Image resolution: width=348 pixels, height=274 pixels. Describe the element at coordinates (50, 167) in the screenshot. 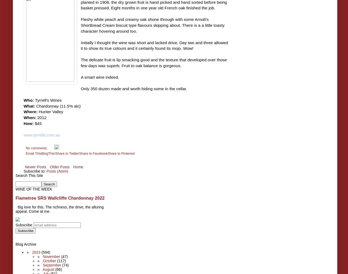

I see `'Older Posts'` at that location.